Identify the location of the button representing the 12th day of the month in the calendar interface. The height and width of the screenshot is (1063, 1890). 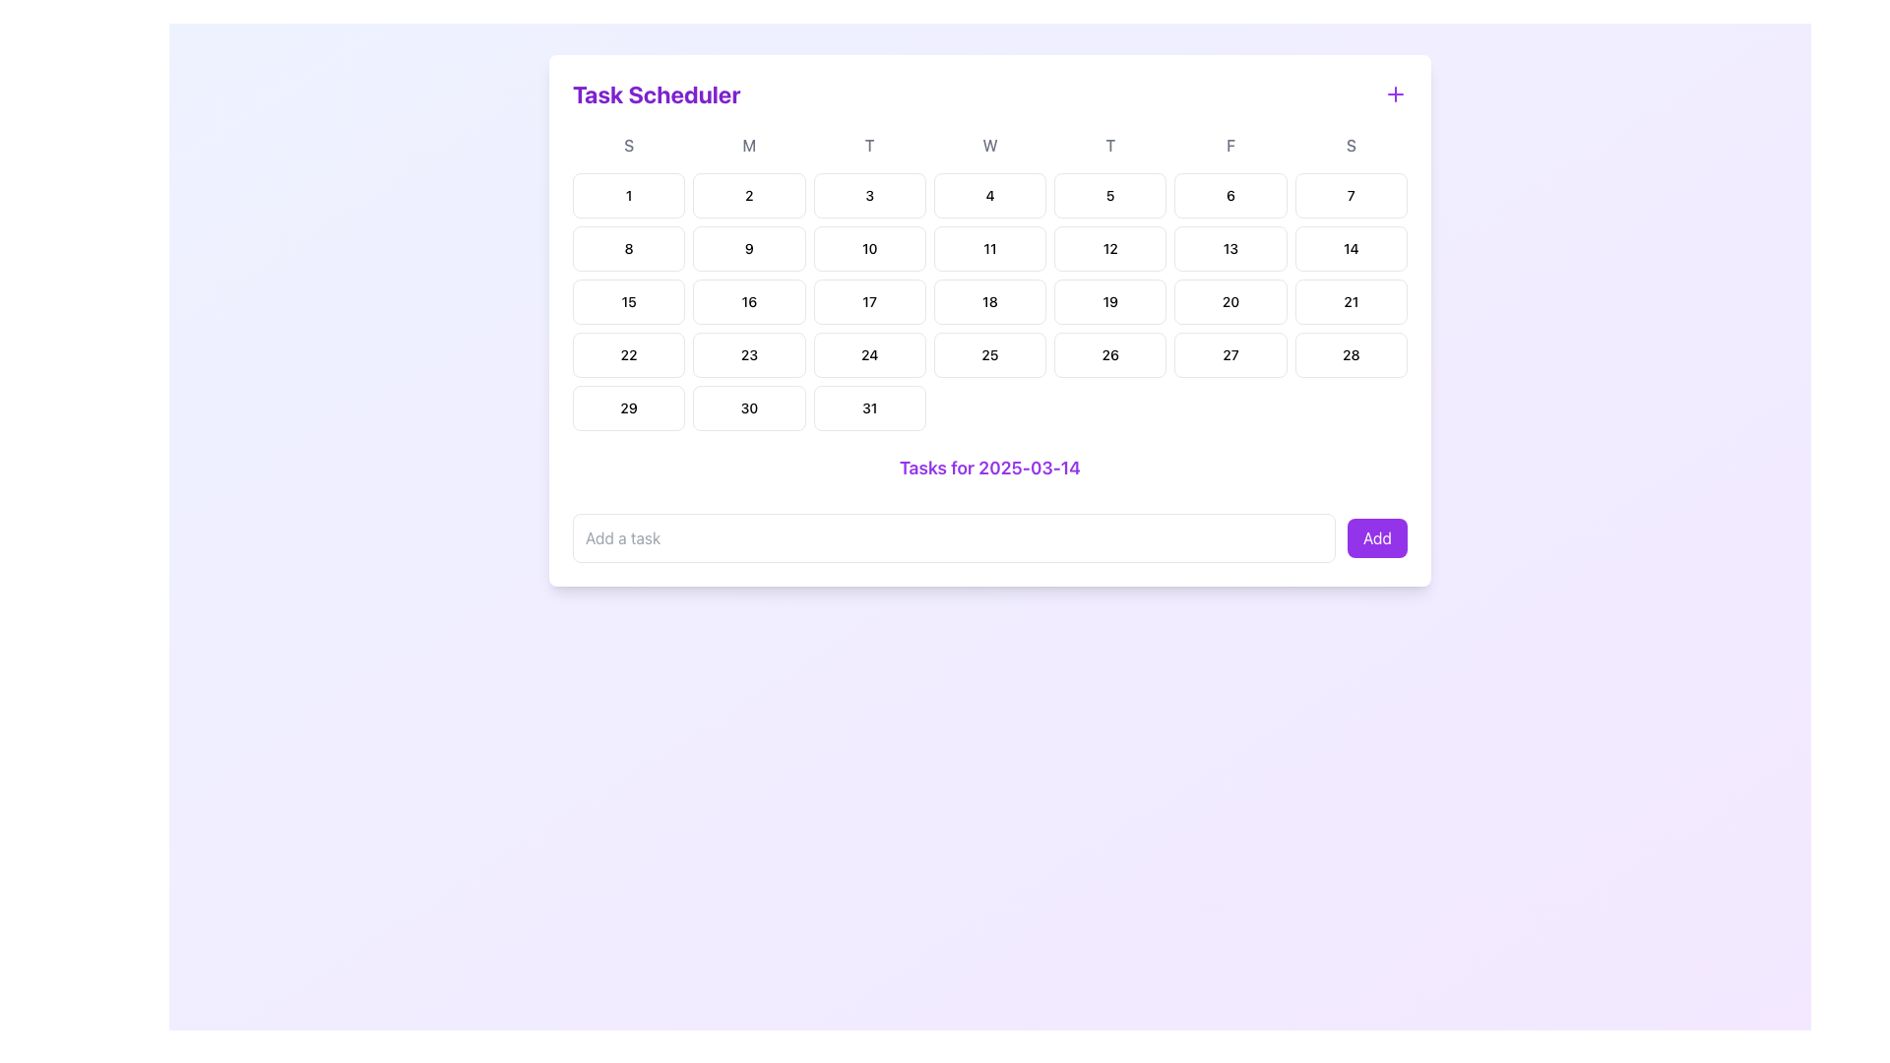
(1110, 248).